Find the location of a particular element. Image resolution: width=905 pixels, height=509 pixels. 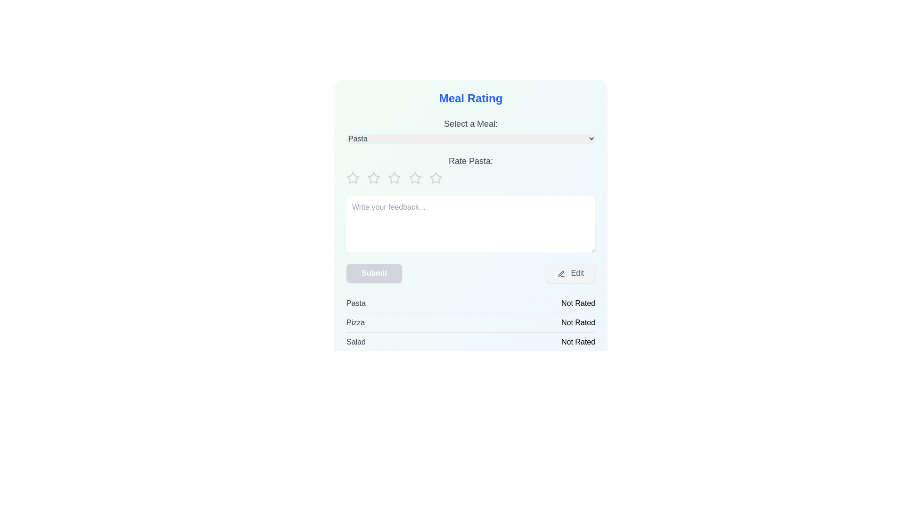

the second star icon in the rating system for the 'Pasta' category is located at coordinates (373, 178).